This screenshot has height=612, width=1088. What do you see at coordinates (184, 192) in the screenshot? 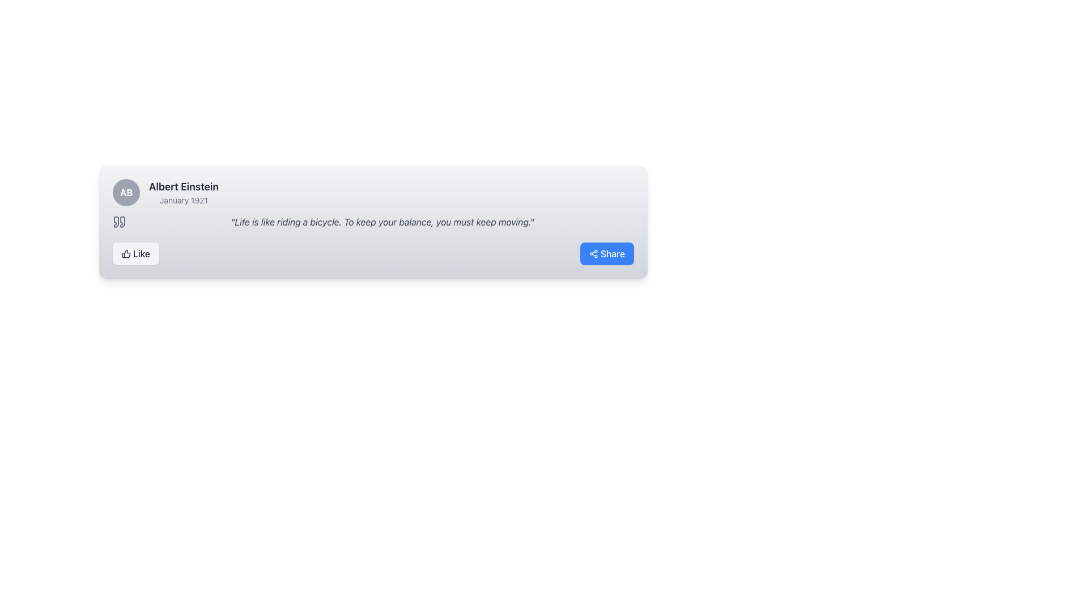
I see `the text block displaying 'Albert Einstein' and 'January 1921', located next to the circular badge with initials 'AB'` at bounding box center [184, 192].